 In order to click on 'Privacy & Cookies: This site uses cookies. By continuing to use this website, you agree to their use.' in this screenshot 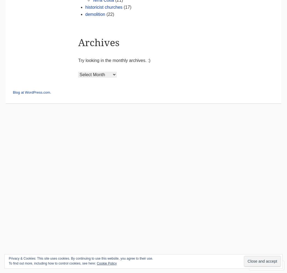, I will do `click(80, 258)`.